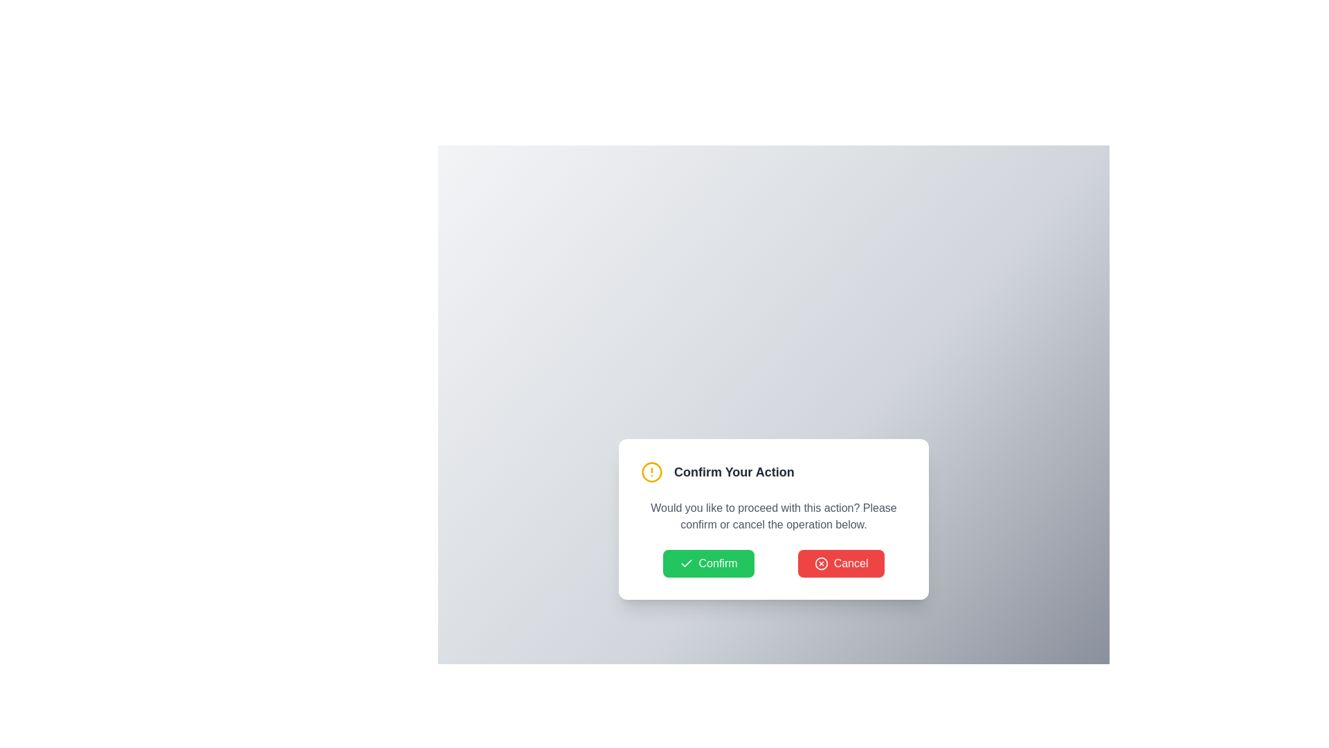 Image resolution: width=1329 pixels, height=748 pixels. What do you see at coordinates (651, 472) in the screenshot?
I see `the decorative SVG circle with a yellow border located adjacent to the confirmation dialog's title 'Confirm Your Action'` at bounding box center [651, 472].